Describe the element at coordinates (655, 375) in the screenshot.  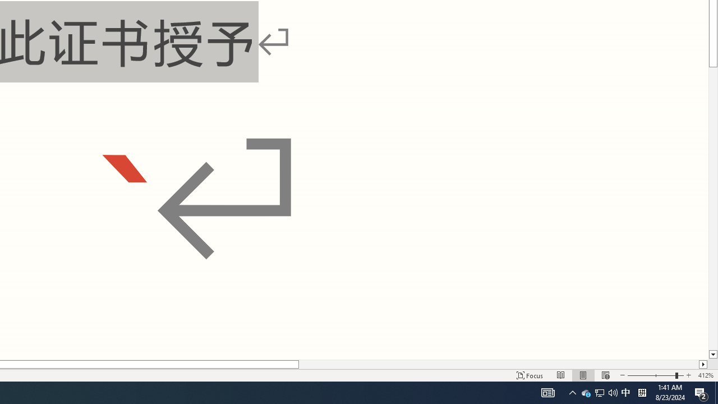
I see `'Zoom'` at that location.